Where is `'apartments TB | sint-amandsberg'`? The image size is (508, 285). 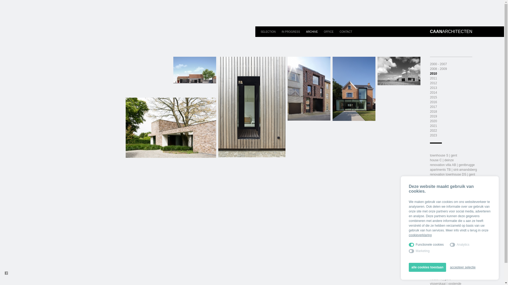 'apartments TB | sint-amandsberg' is located at coordinates (453, 170).